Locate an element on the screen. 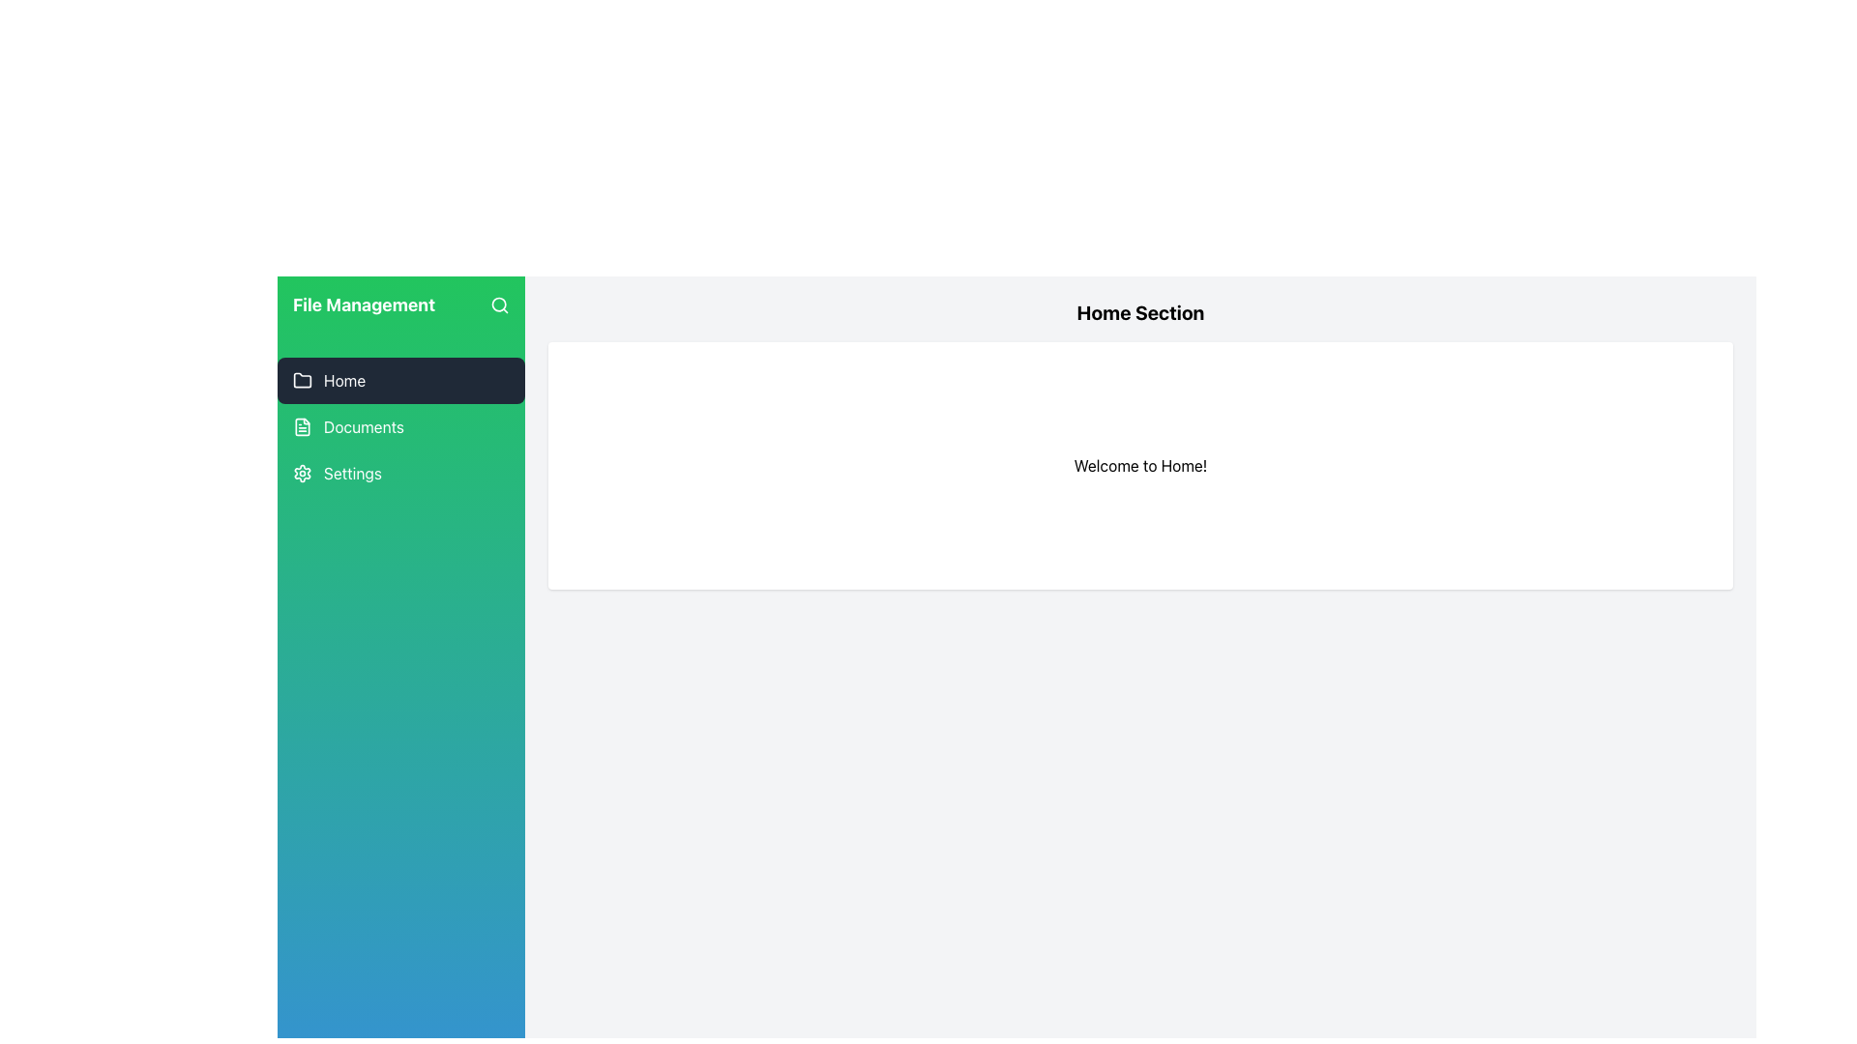  the 'Documents' icon in the side navigation bar is located at coordinates (301, 426).